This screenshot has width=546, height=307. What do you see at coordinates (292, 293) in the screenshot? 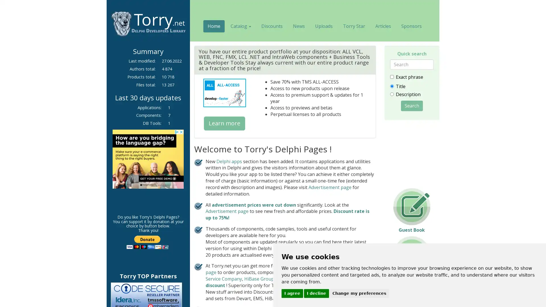
I see `I agree` at bounding box center [292, 293].